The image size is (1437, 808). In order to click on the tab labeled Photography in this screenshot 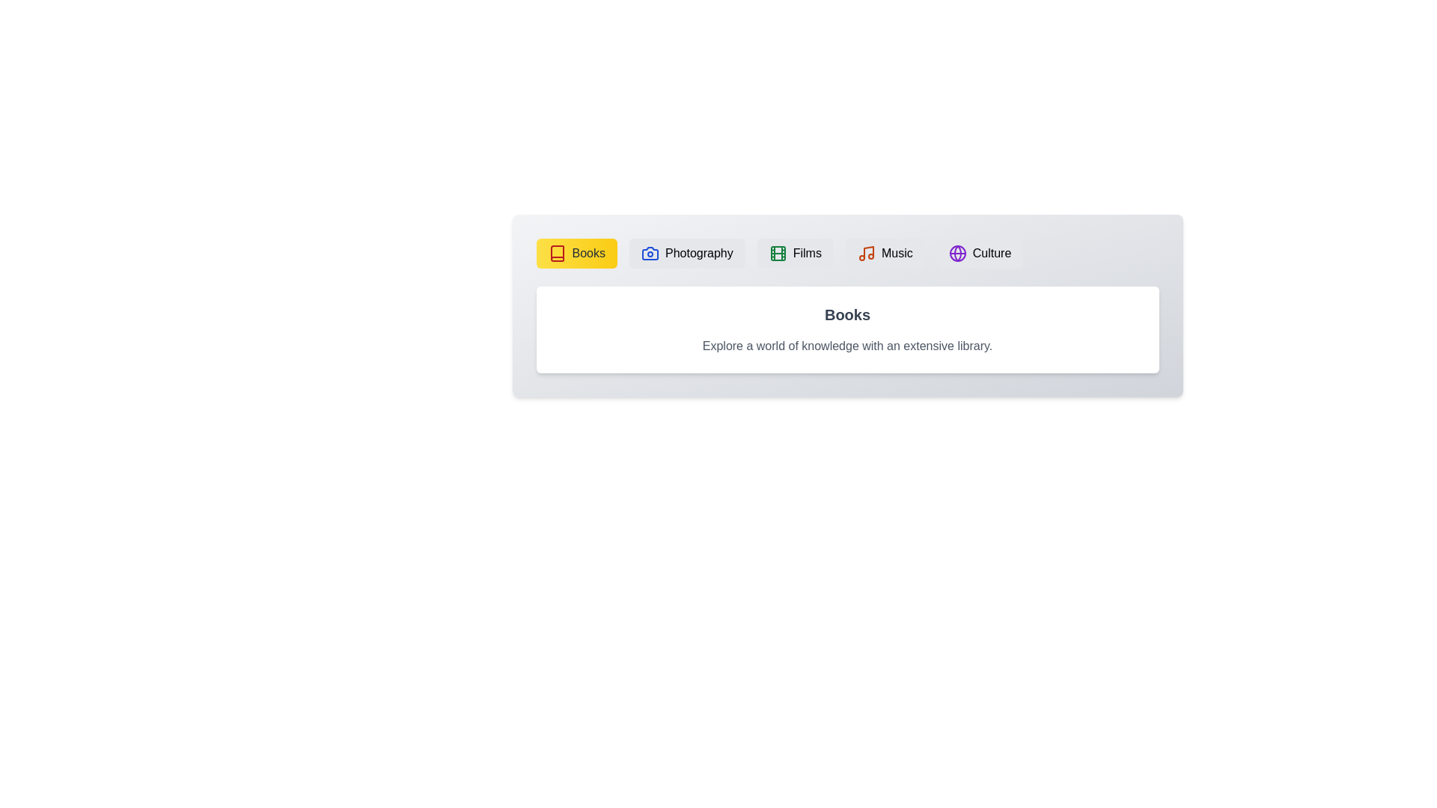, I will do `click(686, 253)`.